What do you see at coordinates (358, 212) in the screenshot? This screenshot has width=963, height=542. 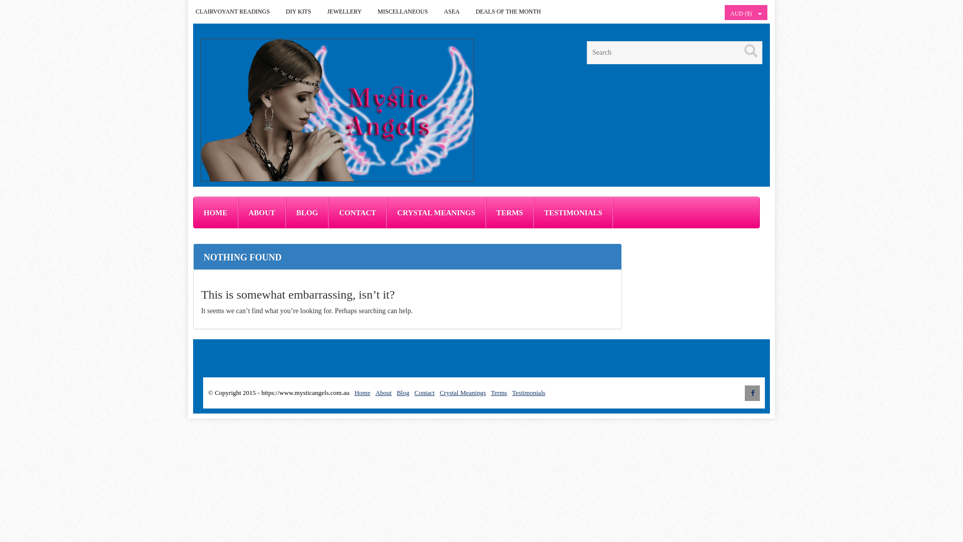 I see `'CONTACT'` at bounding box center [358, 212].